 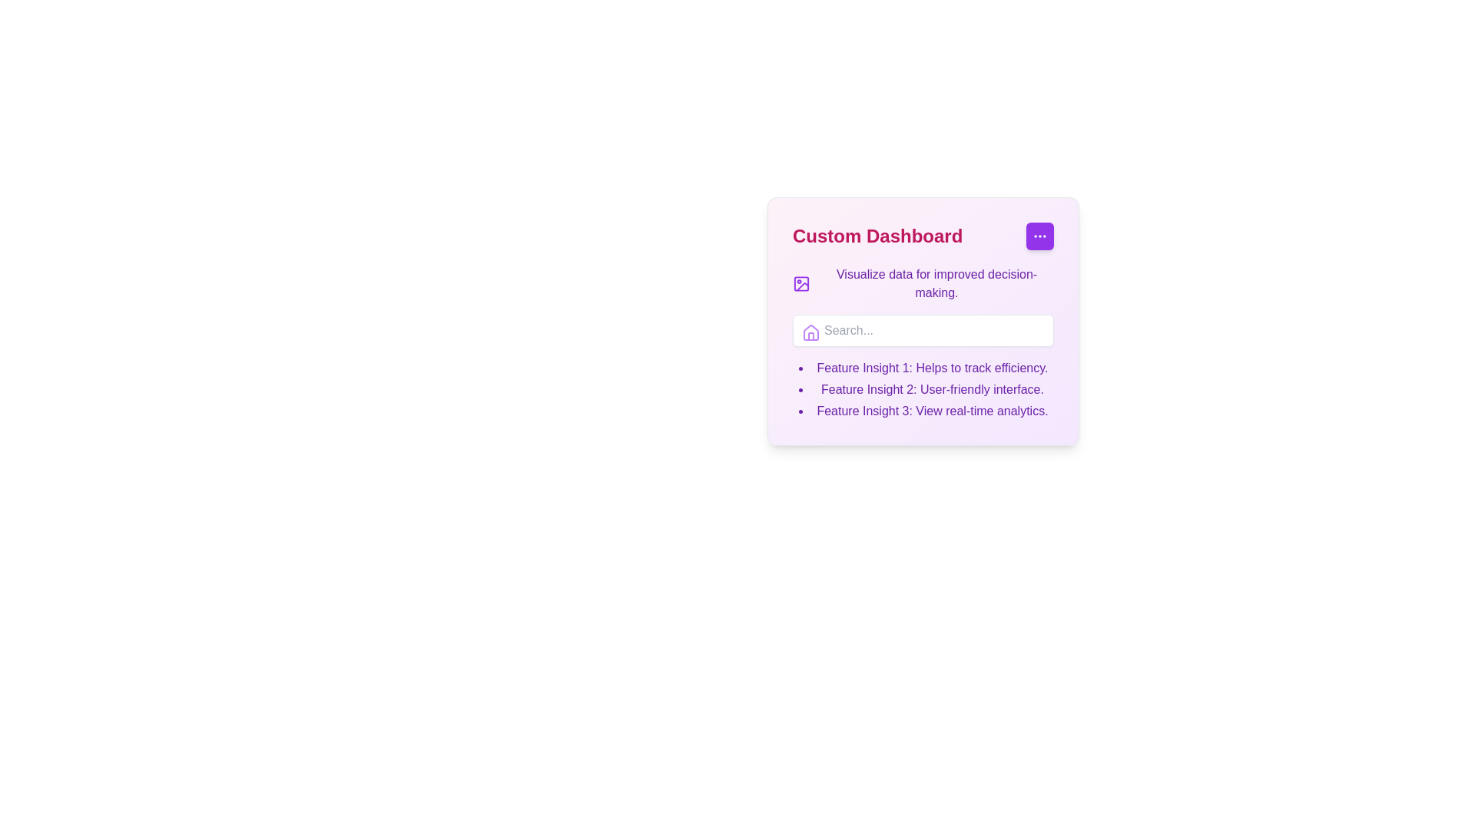 I want to click on the small purple house-shaped icon located at the top left corner of the search box placeholder within the dashboard interface, so click(x=810, y=332).